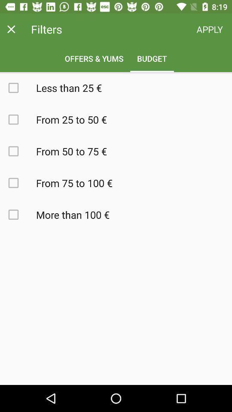 This screenshot has height=412, width=232. What do you see at coordinates (11, 29) in the screenshot?
I see `the close icon` at bounding box center [11, 29].